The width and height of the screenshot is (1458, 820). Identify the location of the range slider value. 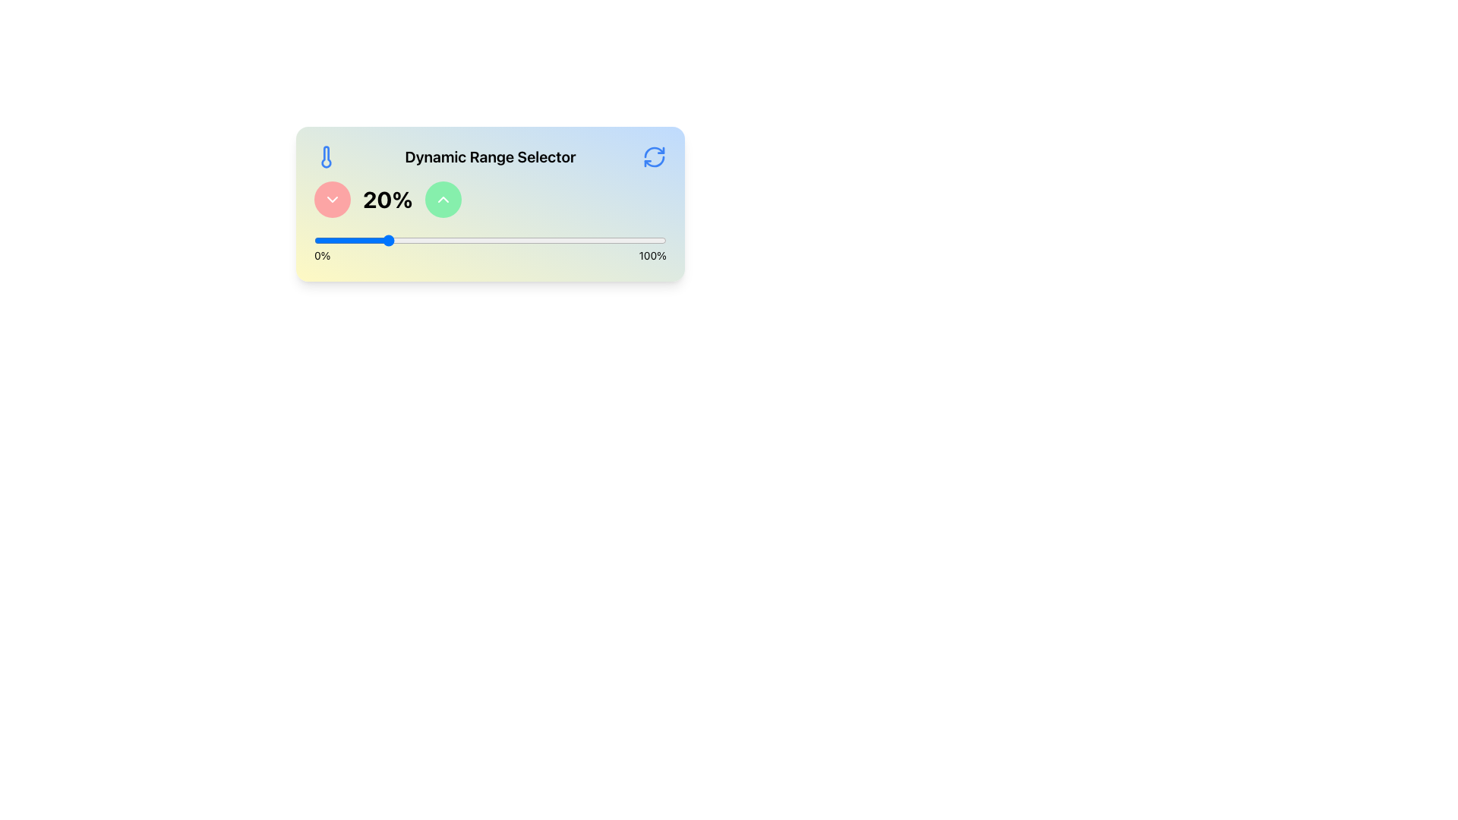
(381, 239).